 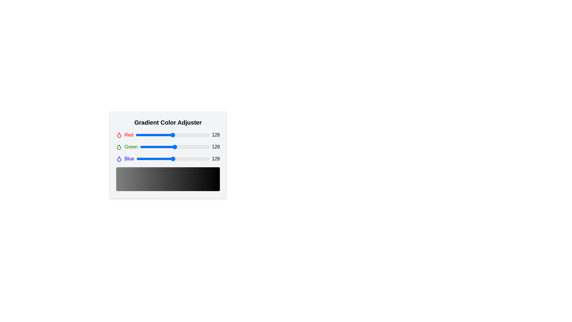 I want to click on the blue color slider to 50, so click(x=151, y=158).